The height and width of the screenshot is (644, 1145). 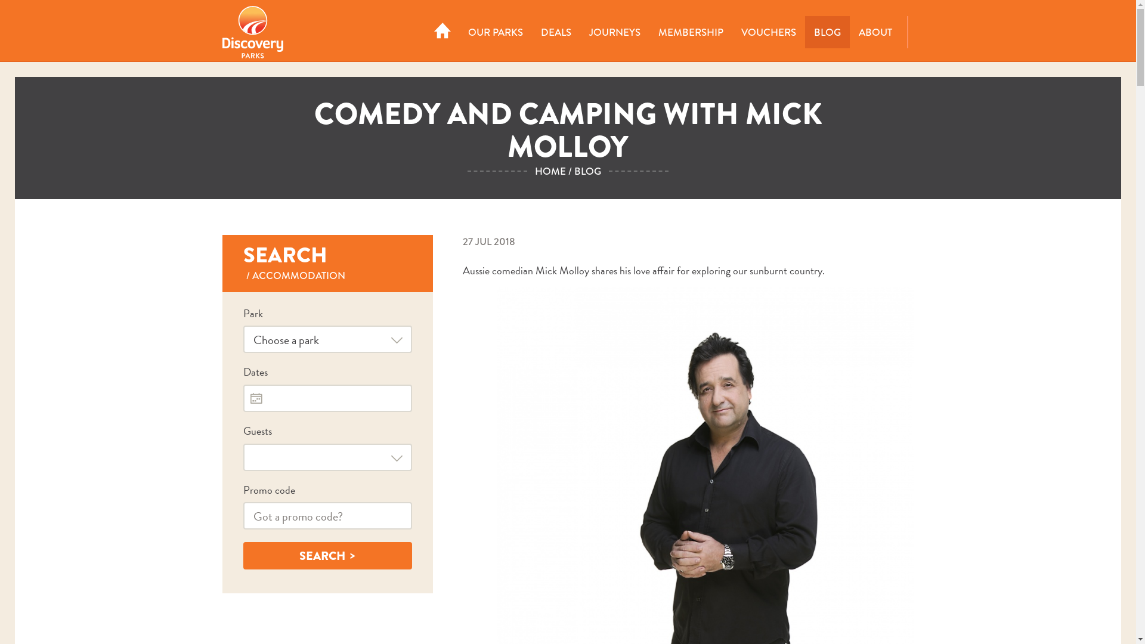 I want to click on 'VOUCHERS', so click(x=769, y=32).